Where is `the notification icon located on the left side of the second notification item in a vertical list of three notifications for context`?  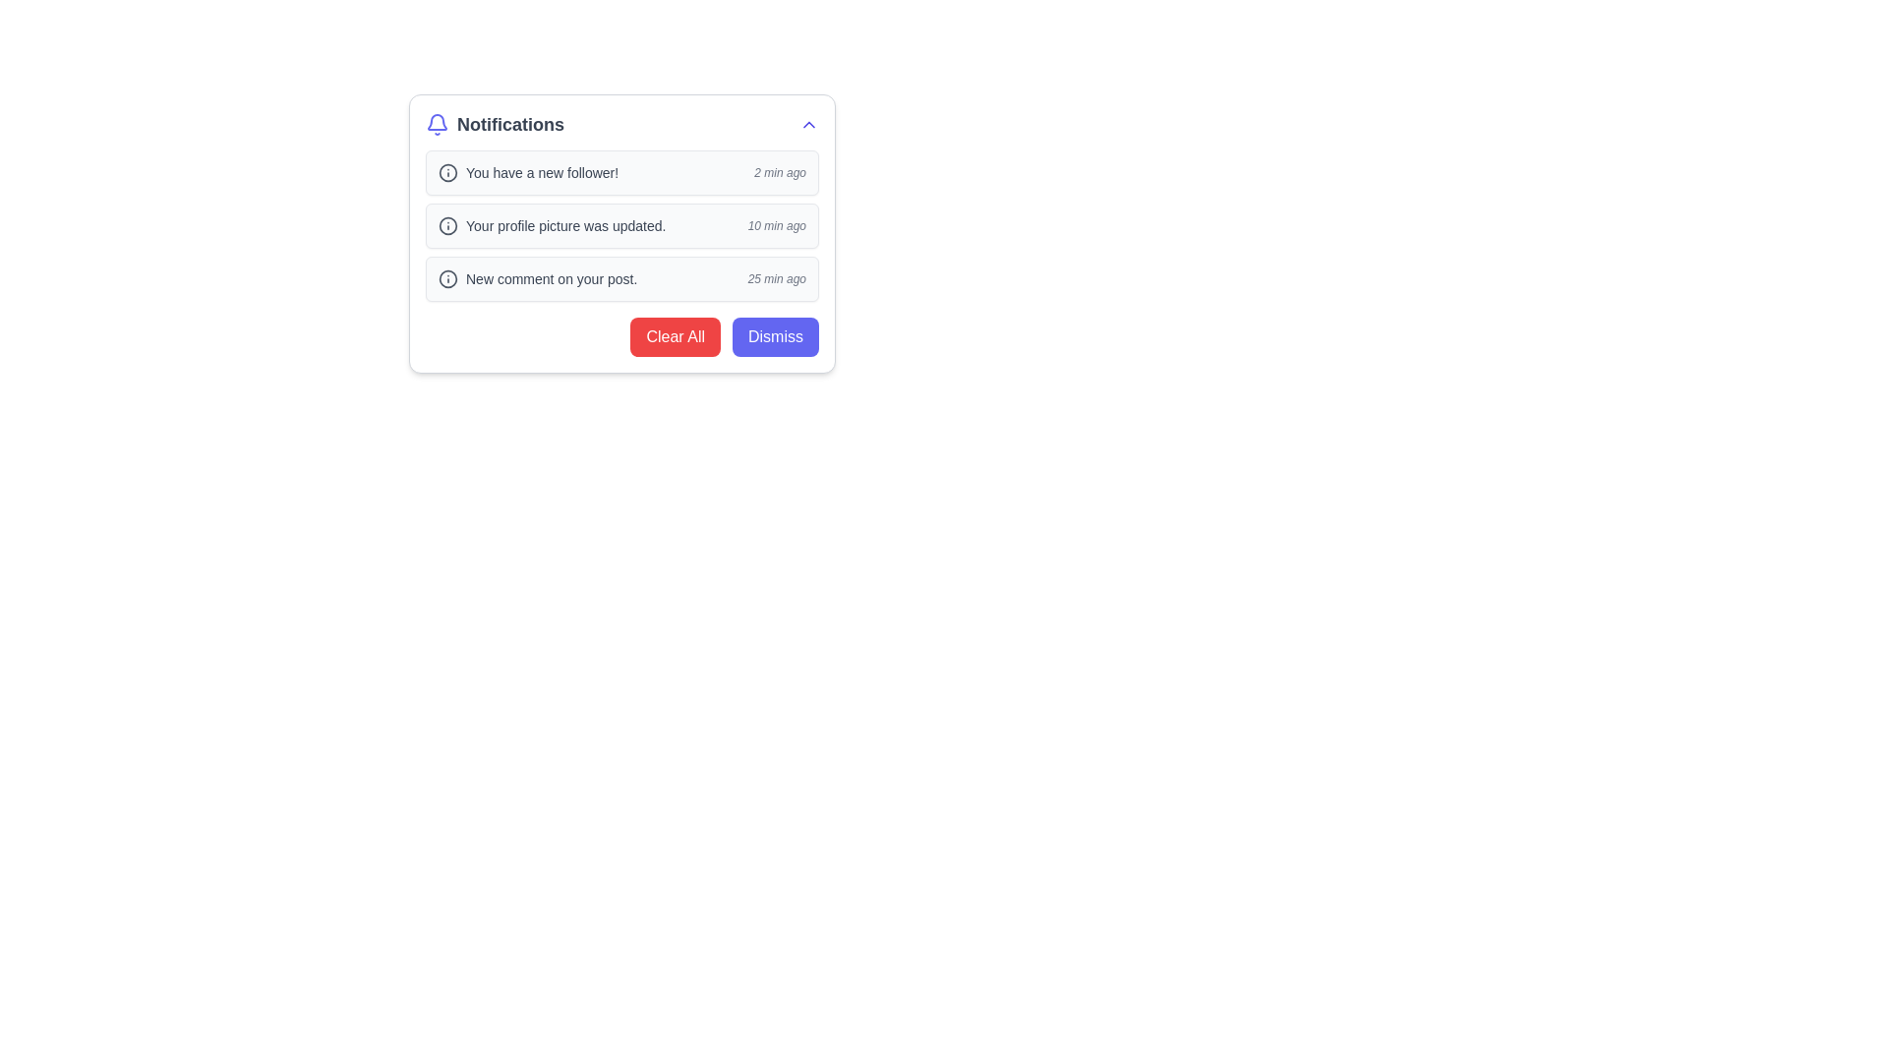 the notification icon located on the left side of the second notification item in a vertical list of three notifications for context is located at coordinates (447, 225).